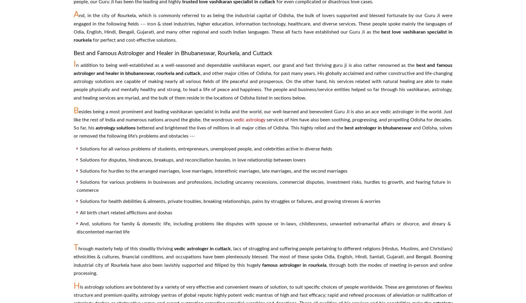  Describe the element at coordinates (262, 265) in the screenshot. I see `'famous astrologer in rourkela'` at that location.